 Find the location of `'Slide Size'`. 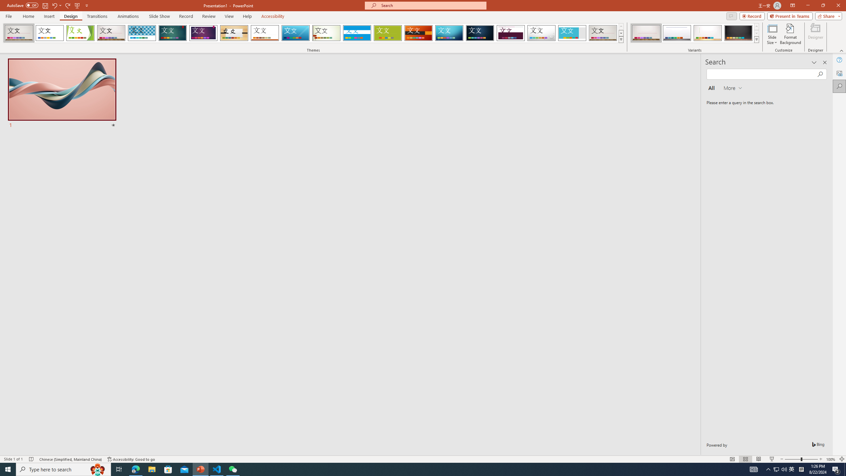

'Slide Size' is located at coordinates (772, 34).